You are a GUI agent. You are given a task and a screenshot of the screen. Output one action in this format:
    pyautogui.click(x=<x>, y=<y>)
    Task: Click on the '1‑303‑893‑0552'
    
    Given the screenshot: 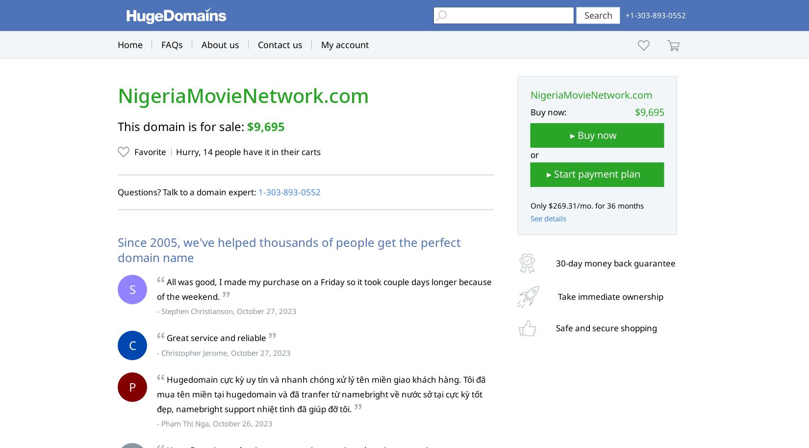 What is the action you would take?
    pyautogui.click(x=289, y=191)
    